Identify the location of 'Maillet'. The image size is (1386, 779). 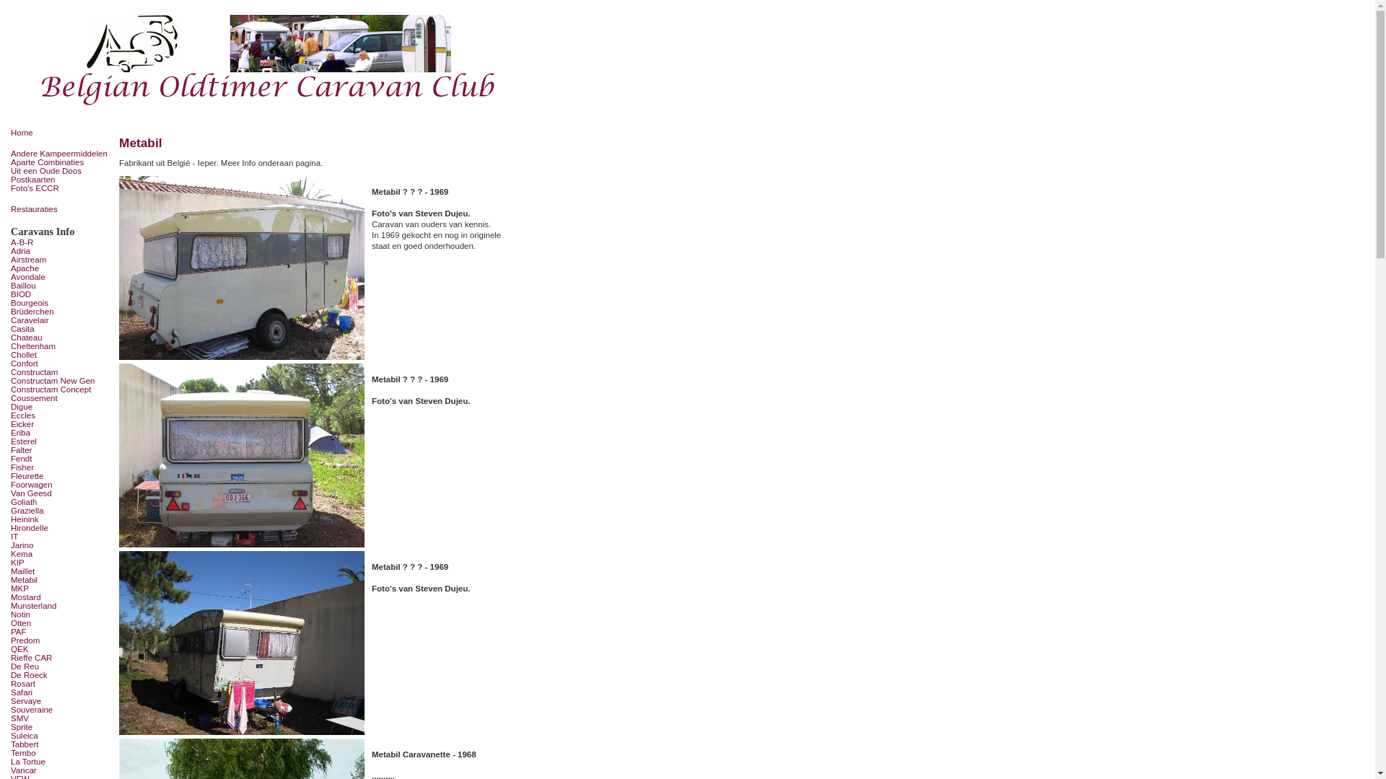
(61, 570).